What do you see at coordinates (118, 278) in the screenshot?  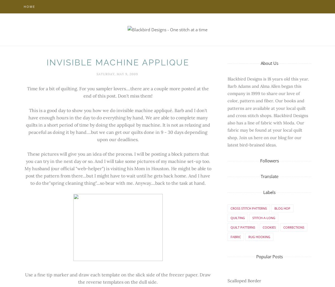 I see `'Use a fine tip marker and draw each template on the slick side of the freezer paper. Draw the reverse templates on the dull side.'` at bounding box center [118, 278].